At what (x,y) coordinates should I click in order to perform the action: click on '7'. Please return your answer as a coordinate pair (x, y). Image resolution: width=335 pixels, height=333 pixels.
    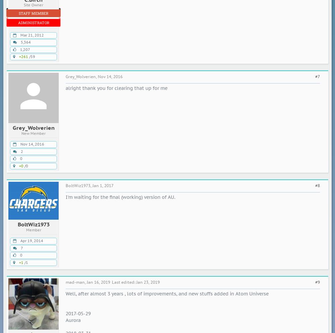
    Looking at the image, I should click on (21, 247).